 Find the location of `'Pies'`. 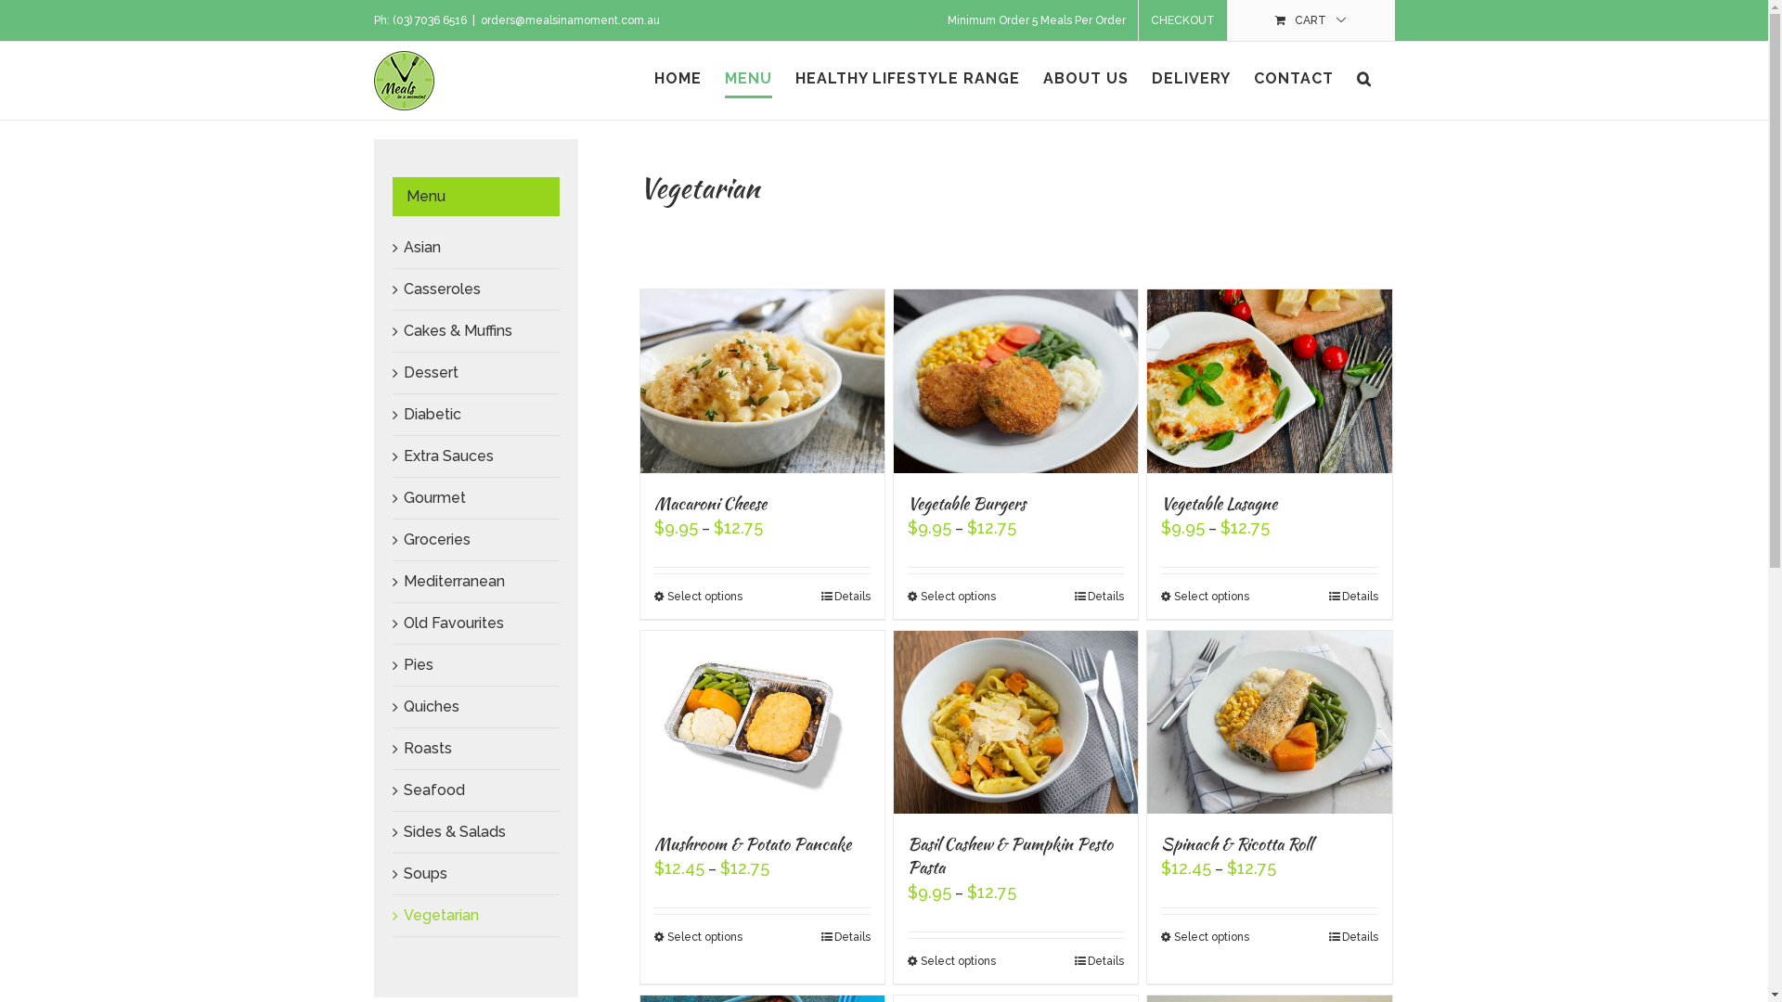

'Pies' is located at coordinates (417, 663).